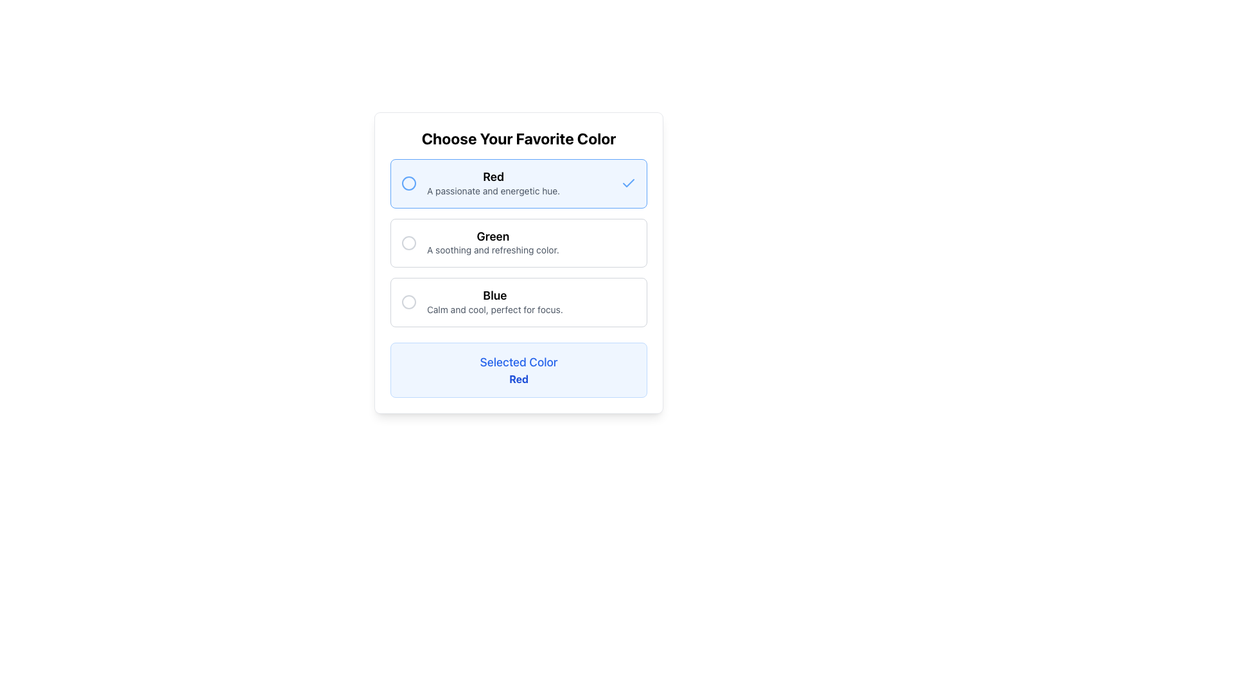 This screenshot has height=693, width=1233. What do you see at coordinates (408, 302) in the screenshot?
I see `the radio button` at bounding box center [408, 302].